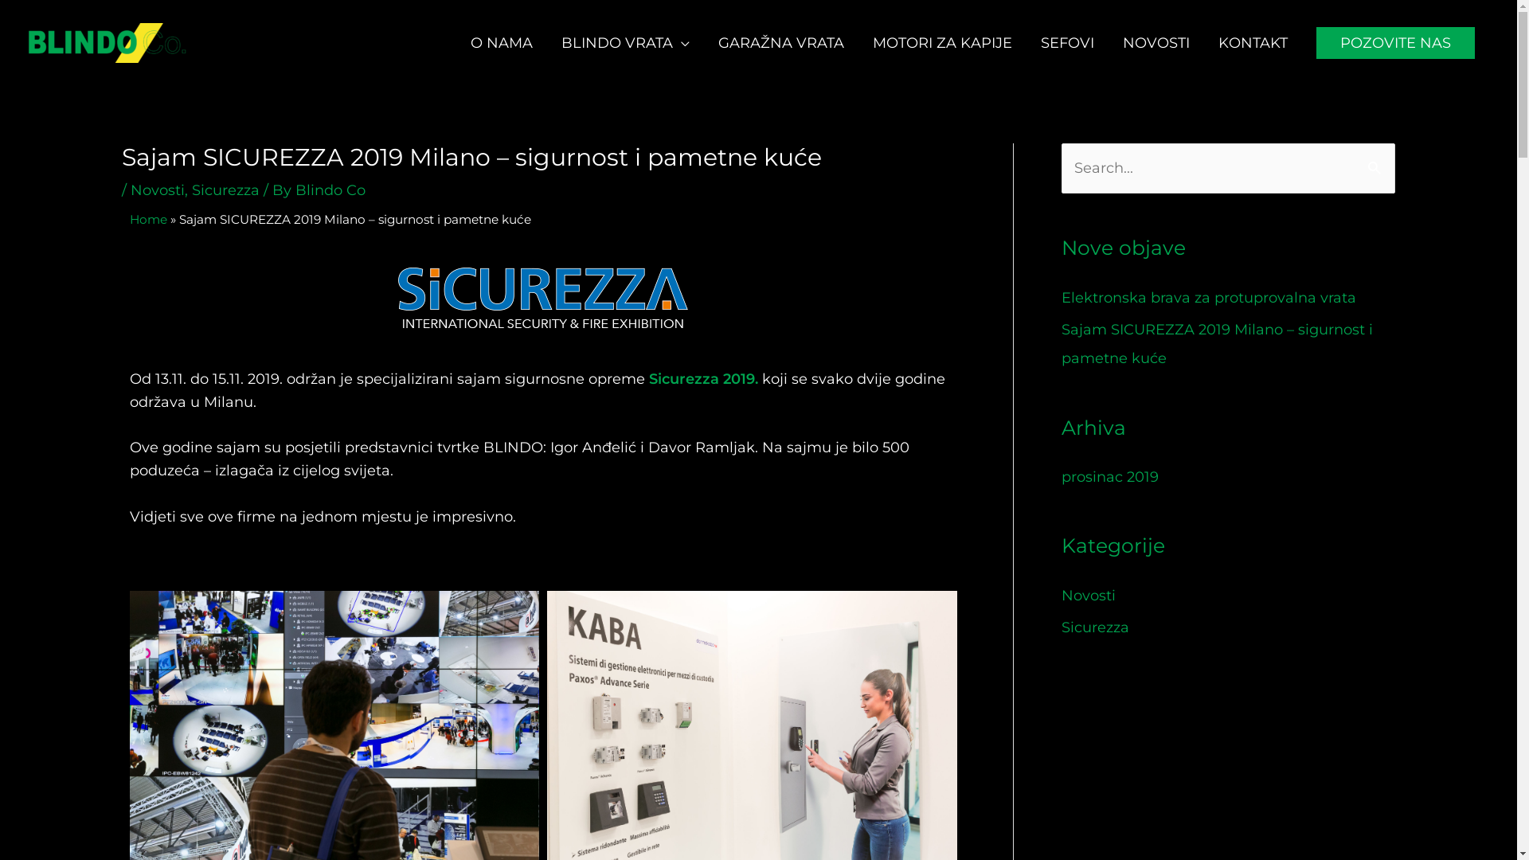 Image resolution: width=1529 pixels, height=860 pixels. What do you see at coordinates (1108, 475) in the screenshot?
I see `'prosinac 2019'` at bounding box center [1108, 475].